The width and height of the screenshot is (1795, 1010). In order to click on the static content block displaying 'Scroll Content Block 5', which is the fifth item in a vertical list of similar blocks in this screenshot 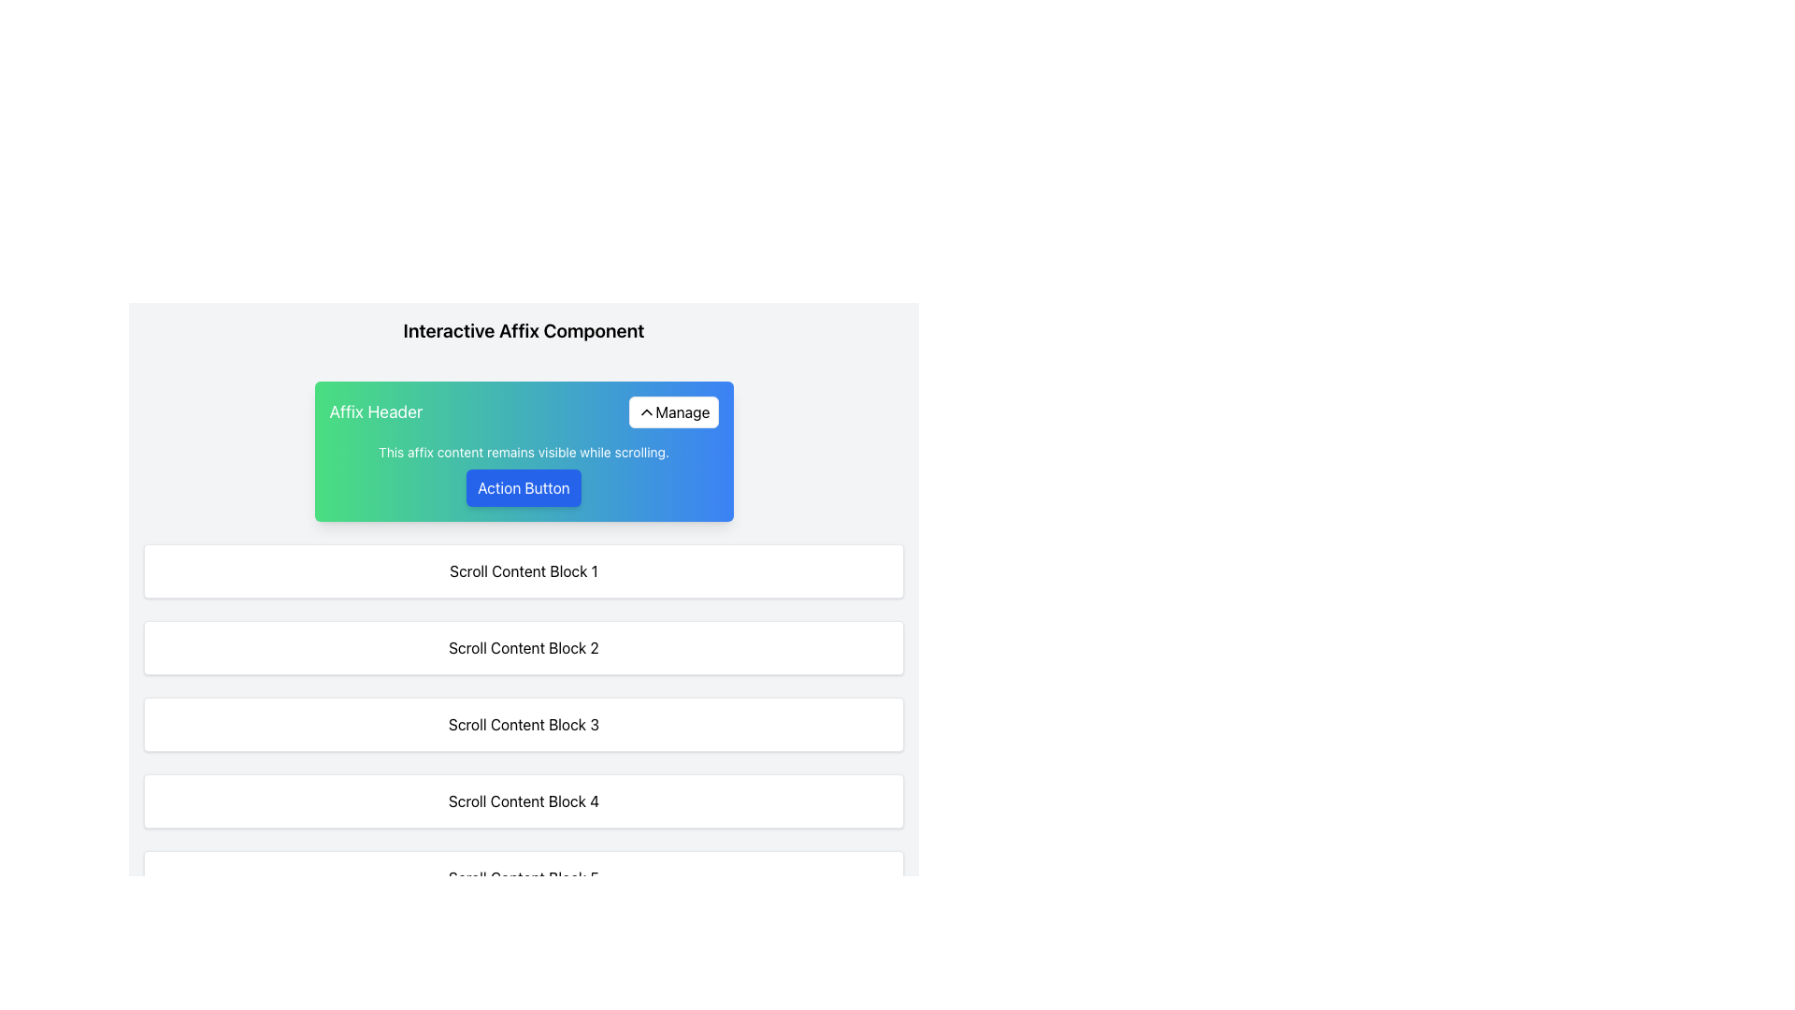, I will do `click(524, 877)`.